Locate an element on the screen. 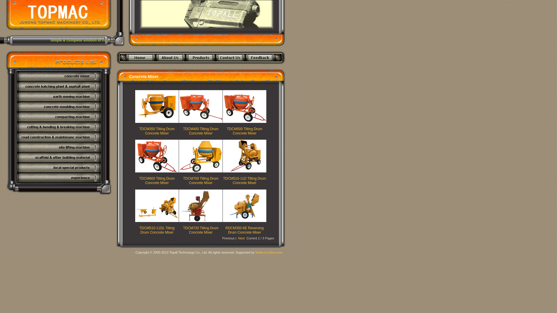  'TDCM400 Tilting Drum Concrete Mixer' is located at coordinates (200, 131).